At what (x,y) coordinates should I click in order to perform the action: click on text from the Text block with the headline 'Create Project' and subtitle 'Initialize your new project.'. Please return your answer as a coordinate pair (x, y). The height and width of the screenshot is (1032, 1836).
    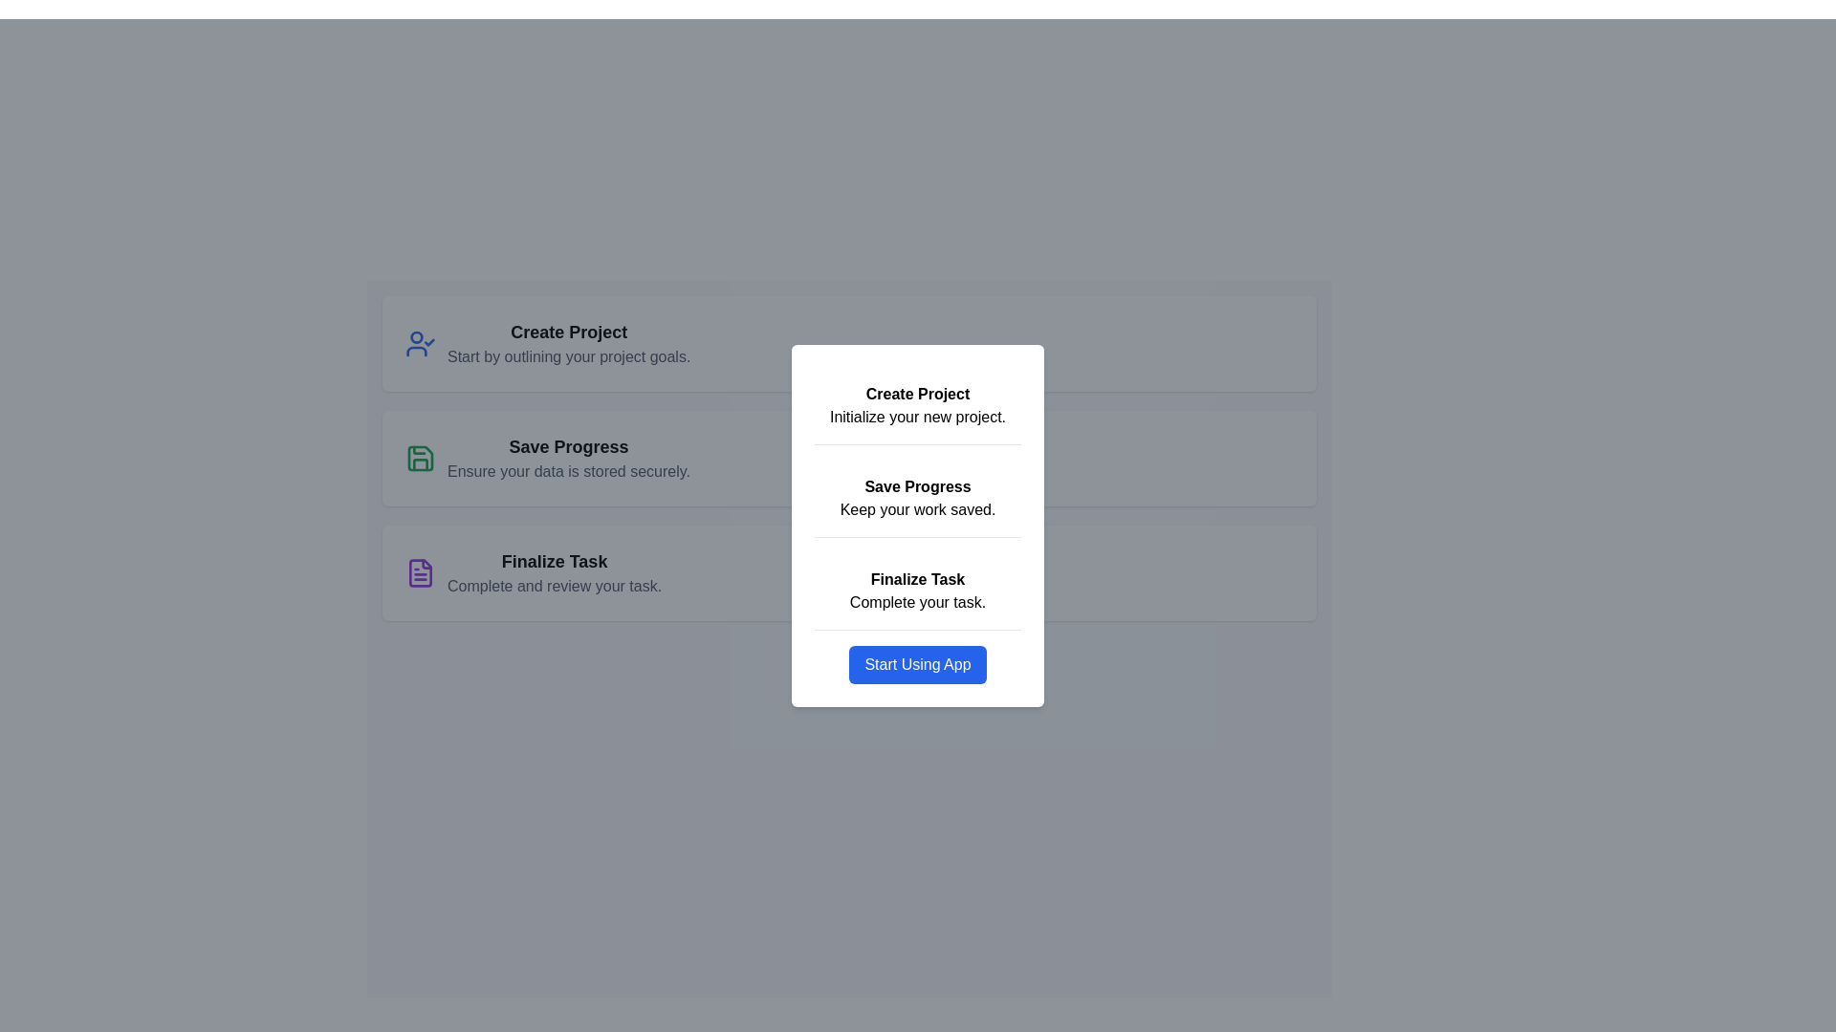
    Looking at the image, I should click on (918, 404).